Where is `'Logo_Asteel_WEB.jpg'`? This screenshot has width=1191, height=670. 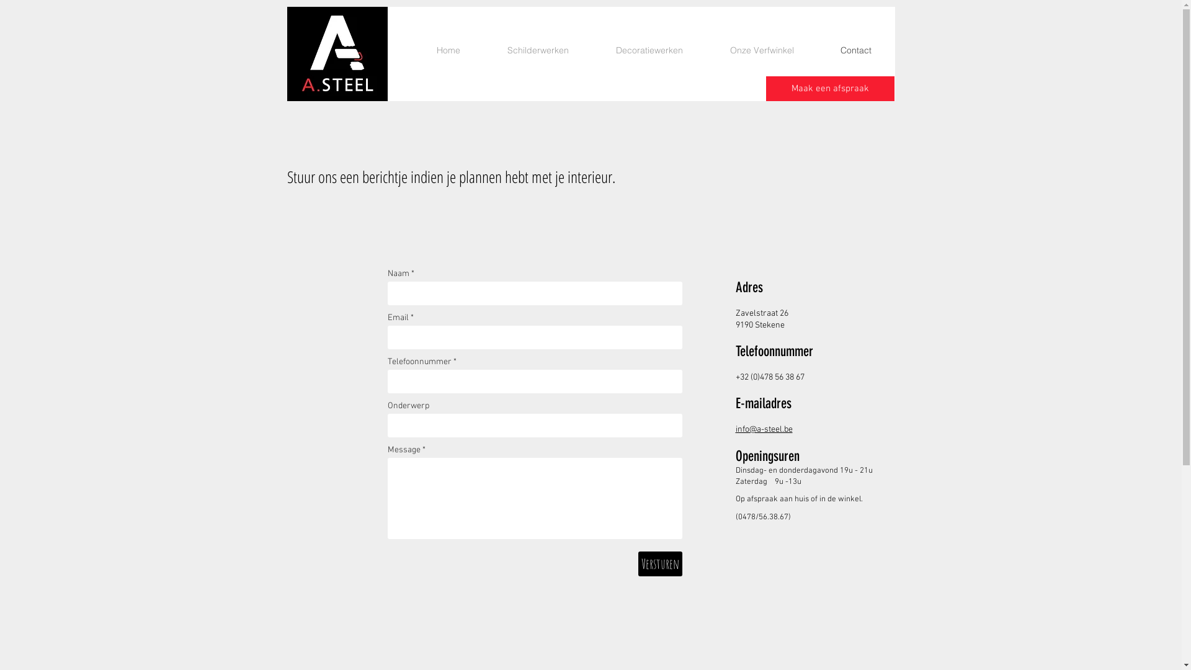
'Logo_Asteel_WEB.jpg' is located at coordinates (285, 53).